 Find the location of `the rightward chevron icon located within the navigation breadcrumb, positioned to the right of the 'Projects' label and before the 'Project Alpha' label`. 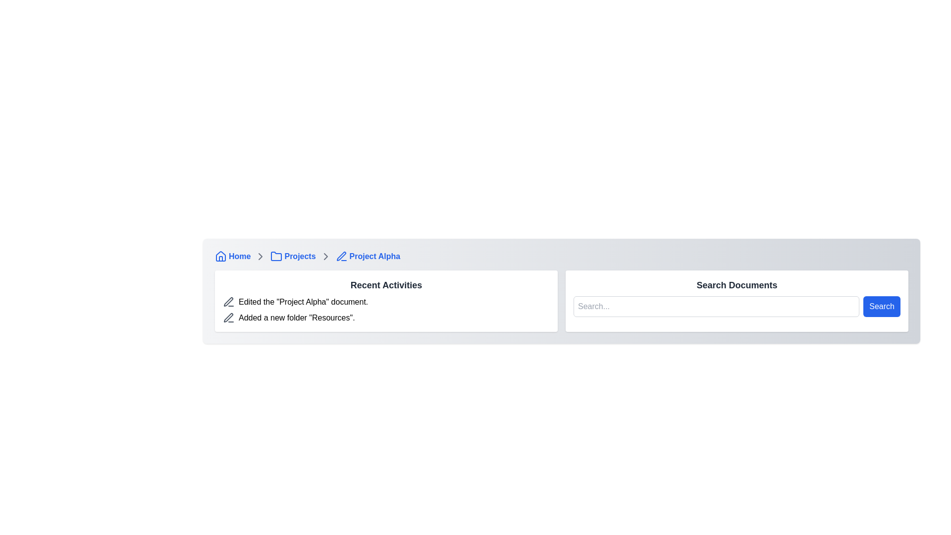

the rightward chevron icon located within the navigation breadcrumb, positioned to the right of the 'Projects' label and before the 'Project Alpha' label is located at coordinates (261, 256).